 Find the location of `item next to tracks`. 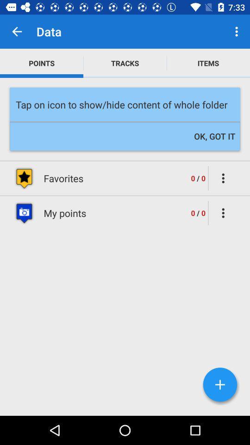

item next to tracks is located at coordinates (208, 63).